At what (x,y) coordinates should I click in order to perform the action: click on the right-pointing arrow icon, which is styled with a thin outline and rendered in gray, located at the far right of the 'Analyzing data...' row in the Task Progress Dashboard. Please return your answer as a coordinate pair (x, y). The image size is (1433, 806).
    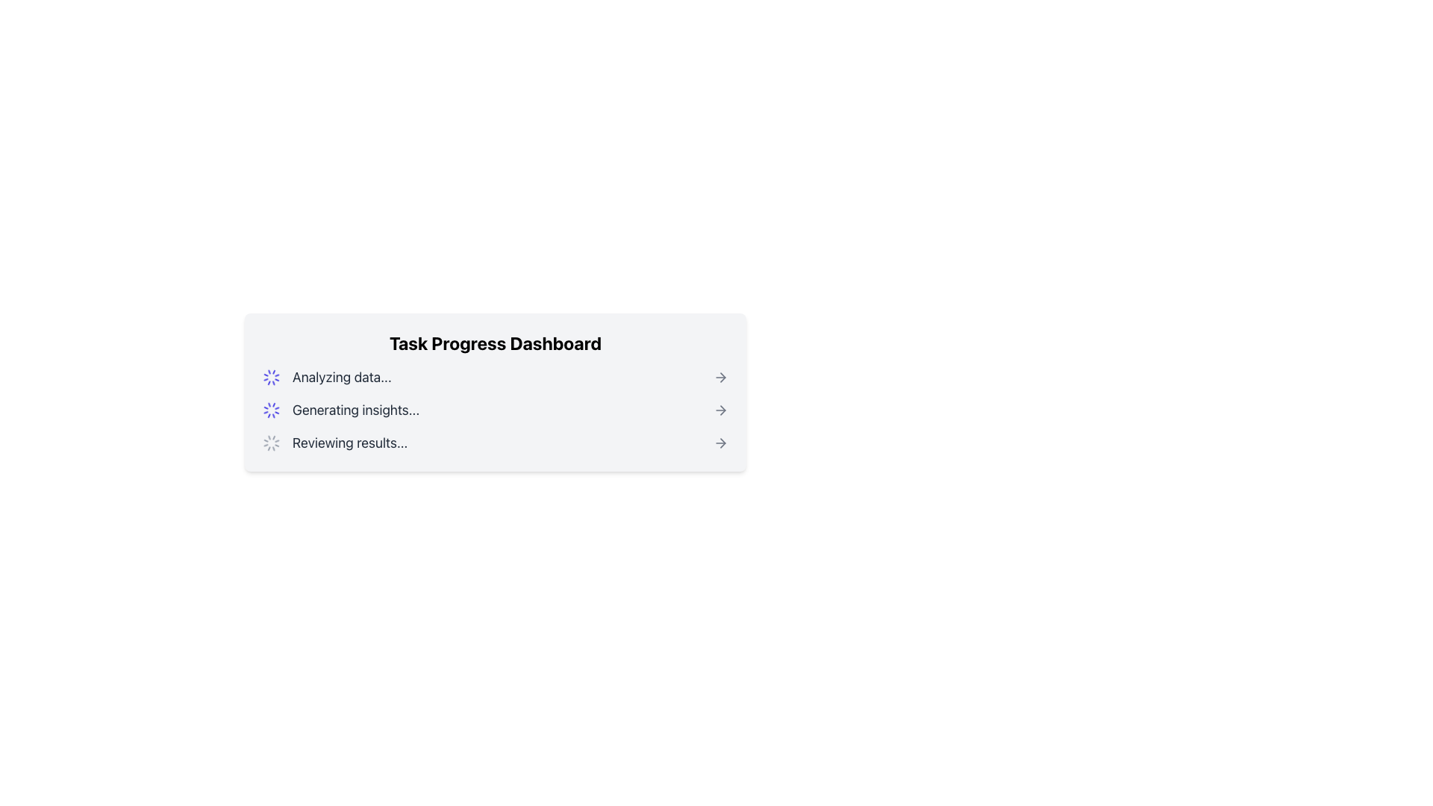
    Looking at the image, I should click on (720, 376).